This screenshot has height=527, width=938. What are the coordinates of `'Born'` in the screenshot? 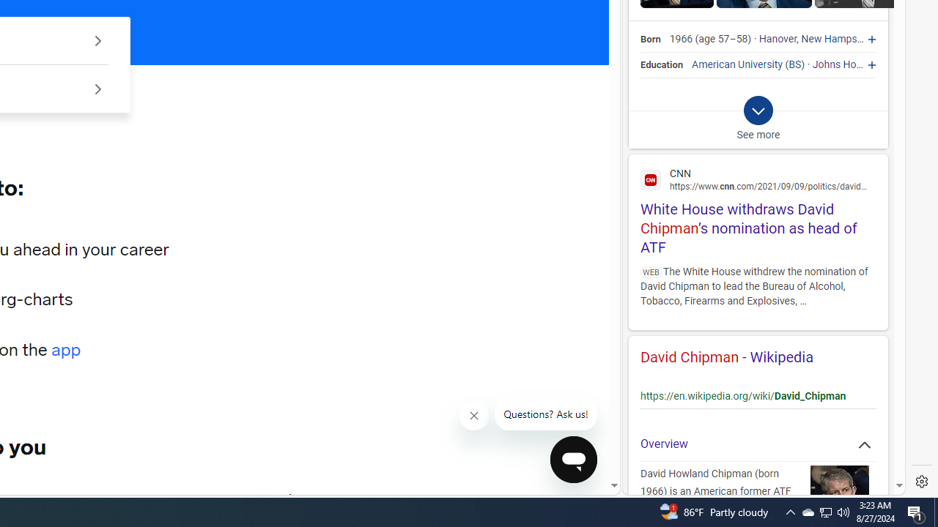 It's located at (650, 39).